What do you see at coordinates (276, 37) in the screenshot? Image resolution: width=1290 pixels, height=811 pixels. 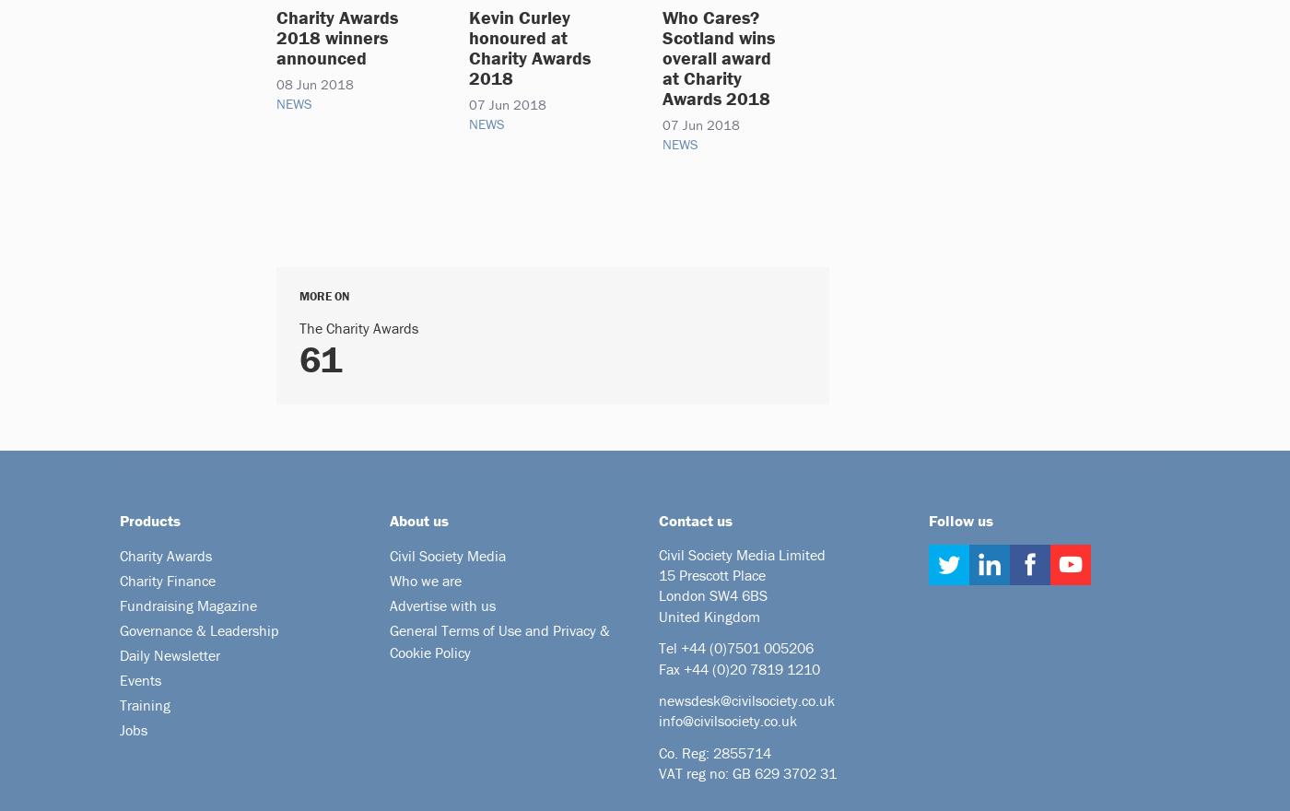 I see `'Charity Awards 2018 winners announced'` at bounding box center [276, 37].